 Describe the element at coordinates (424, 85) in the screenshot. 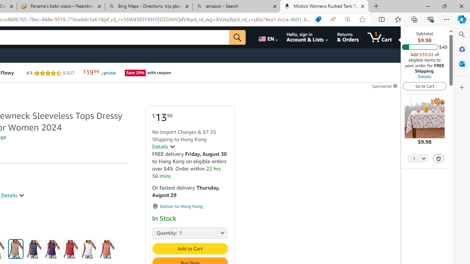

I see `'Go to Cart'` at that location.